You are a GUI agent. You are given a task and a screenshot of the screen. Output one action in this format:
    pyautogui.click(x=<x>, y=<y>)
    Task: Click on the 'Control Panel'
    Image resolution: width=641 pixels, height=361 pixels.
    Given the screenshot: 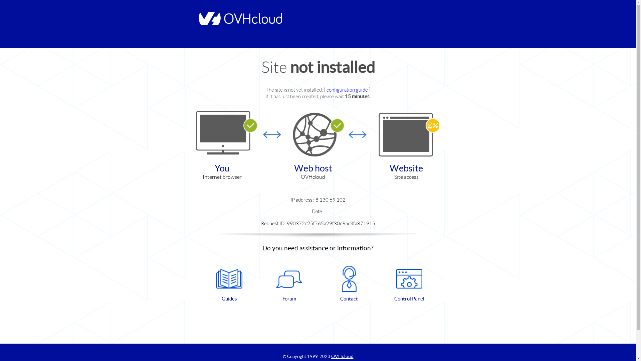 What is the action you would take?
    pyautogui.click(x=409, y=284)
    